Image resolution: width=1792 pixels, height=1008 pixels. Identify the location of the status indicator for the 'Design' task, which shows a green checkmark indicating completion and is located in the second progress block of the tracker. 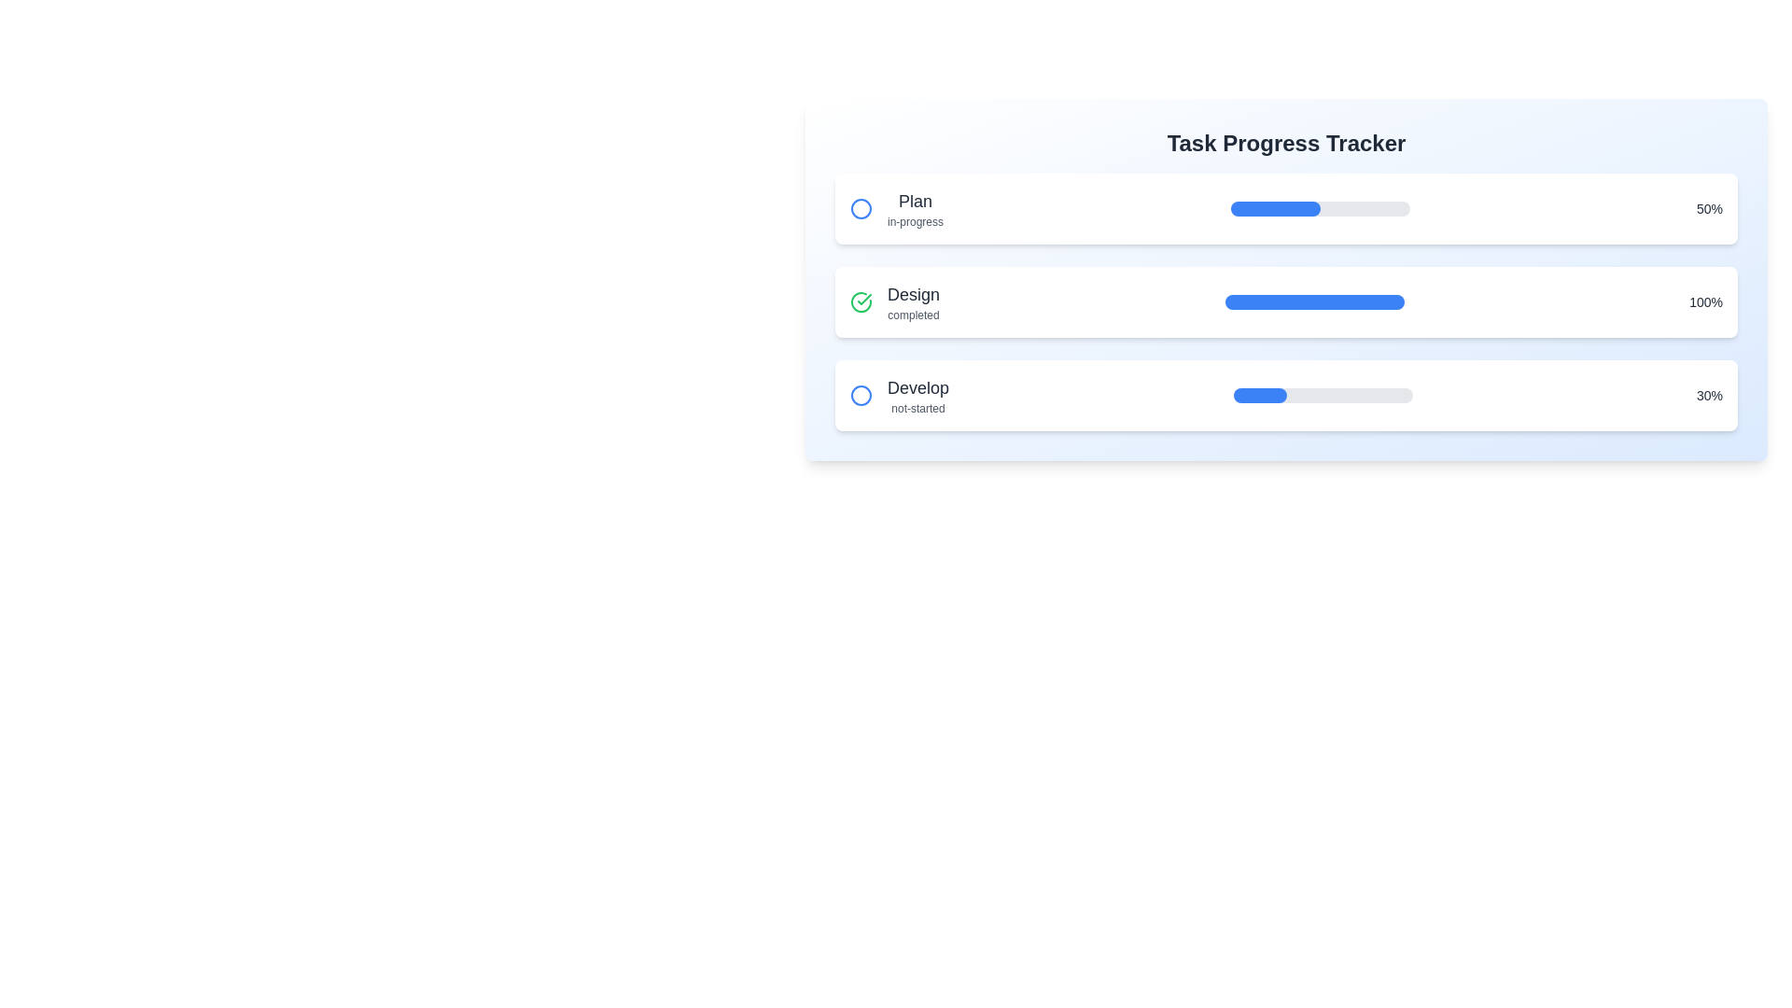
(894, 301).